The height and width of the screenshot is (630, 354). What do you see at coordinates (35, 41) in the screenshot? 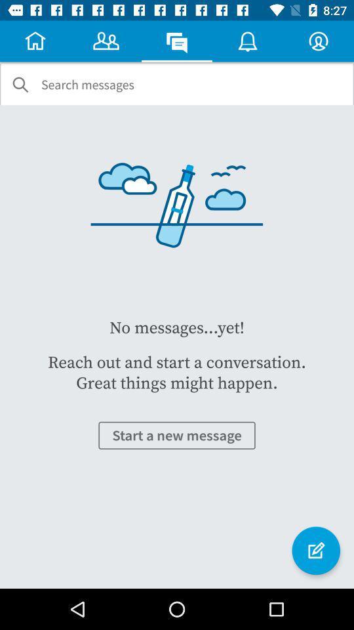
I see `the home button` at bounding box center [35, 41].